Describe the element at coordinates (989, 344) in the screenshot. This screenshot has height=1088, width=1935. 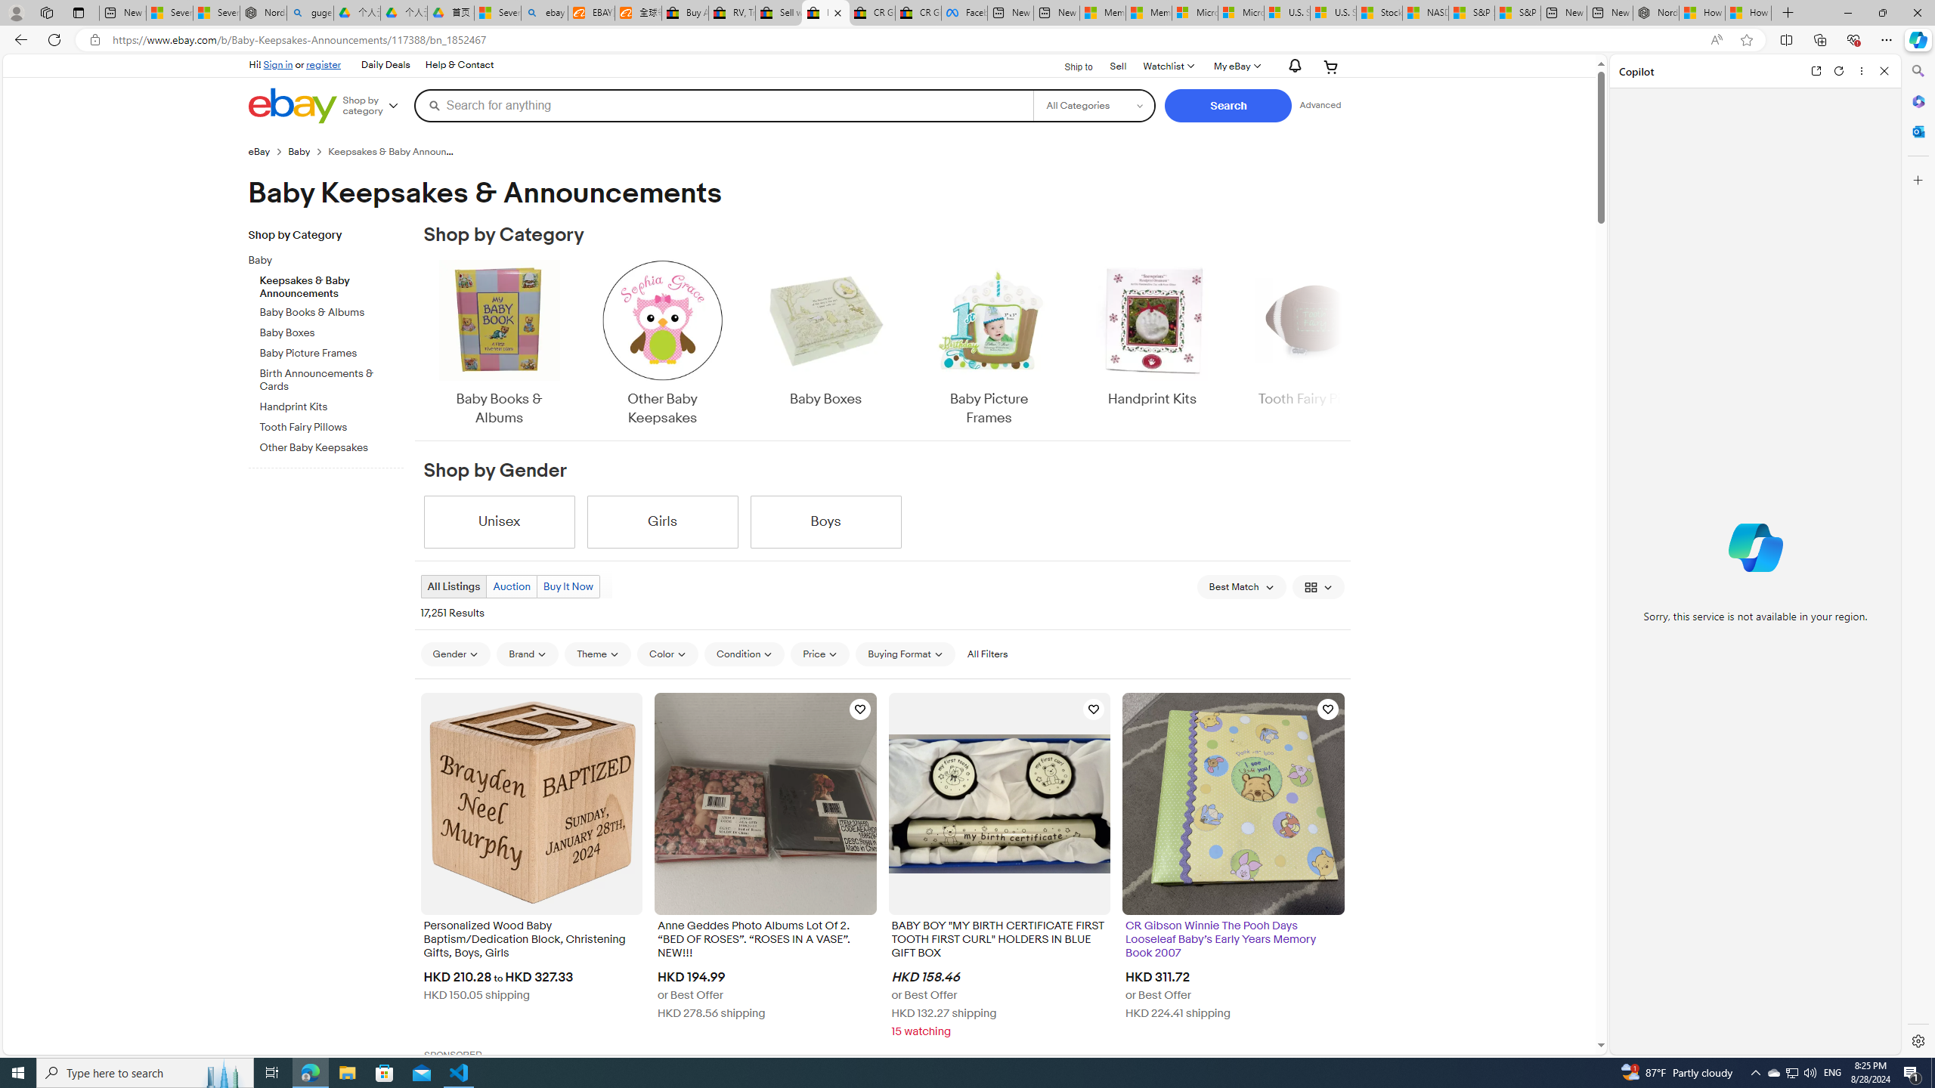
I see `'Baby Picture Frames'` at that location.